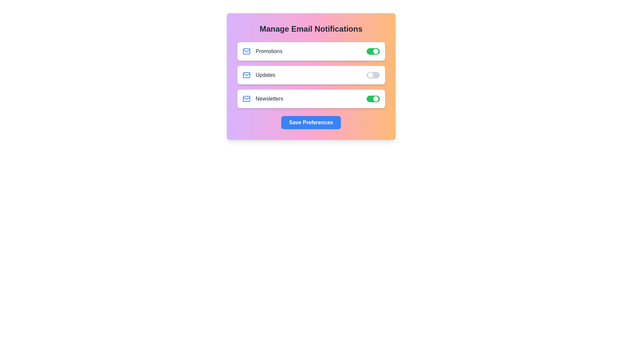  What do you see at coordinates (311, 122) in the screenshot?
I see `the Save Preferences section to observe its hover effect` at bounding box center [311, 122].